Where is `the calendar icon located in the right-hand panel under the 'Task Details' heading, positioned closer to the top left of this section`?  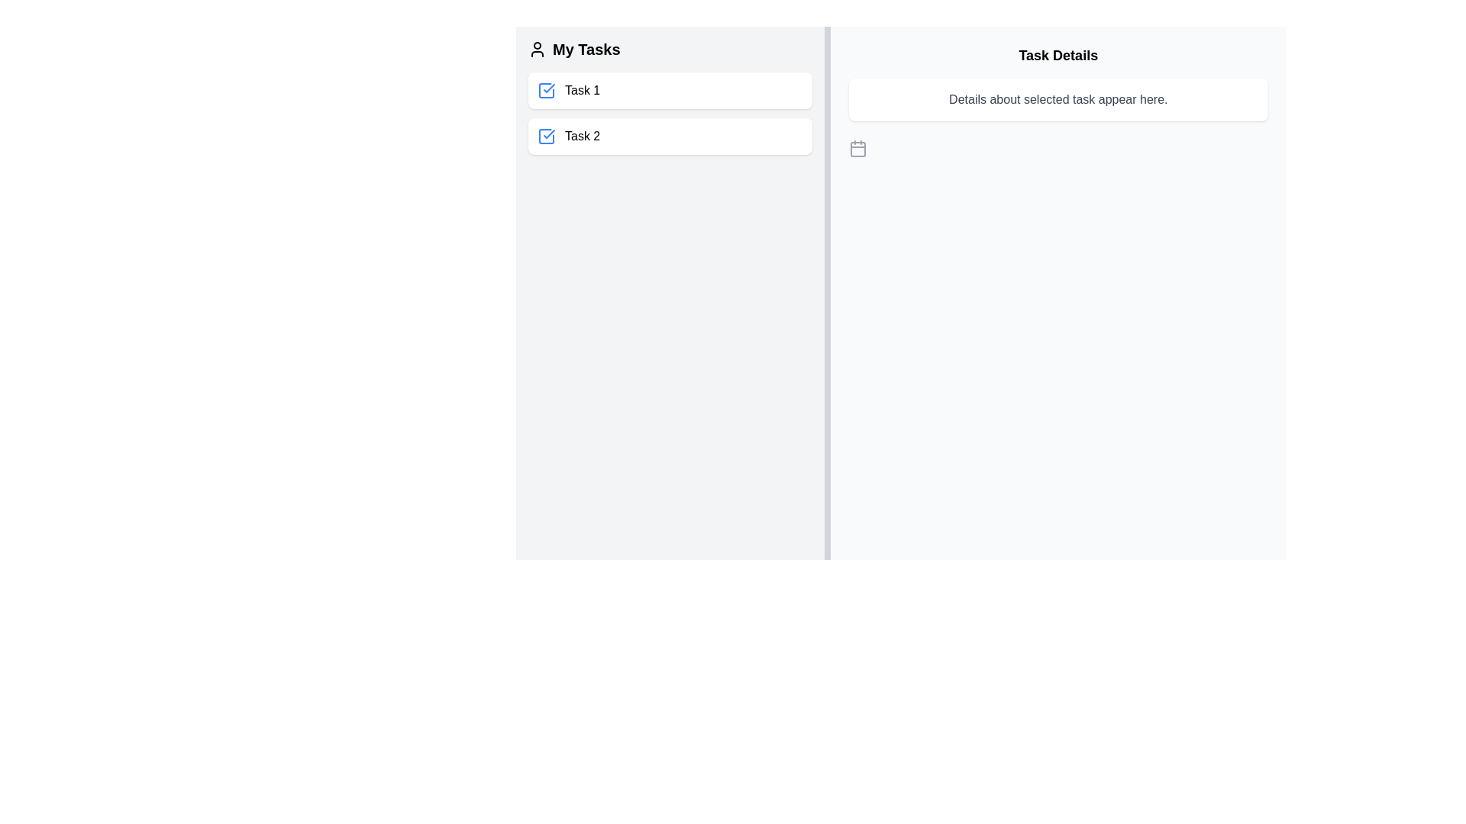
the calendar icon located in the right-hand panel under the 'Task Details' heading, positioned closer to the top left of this section is located at coordinates (857, 149).